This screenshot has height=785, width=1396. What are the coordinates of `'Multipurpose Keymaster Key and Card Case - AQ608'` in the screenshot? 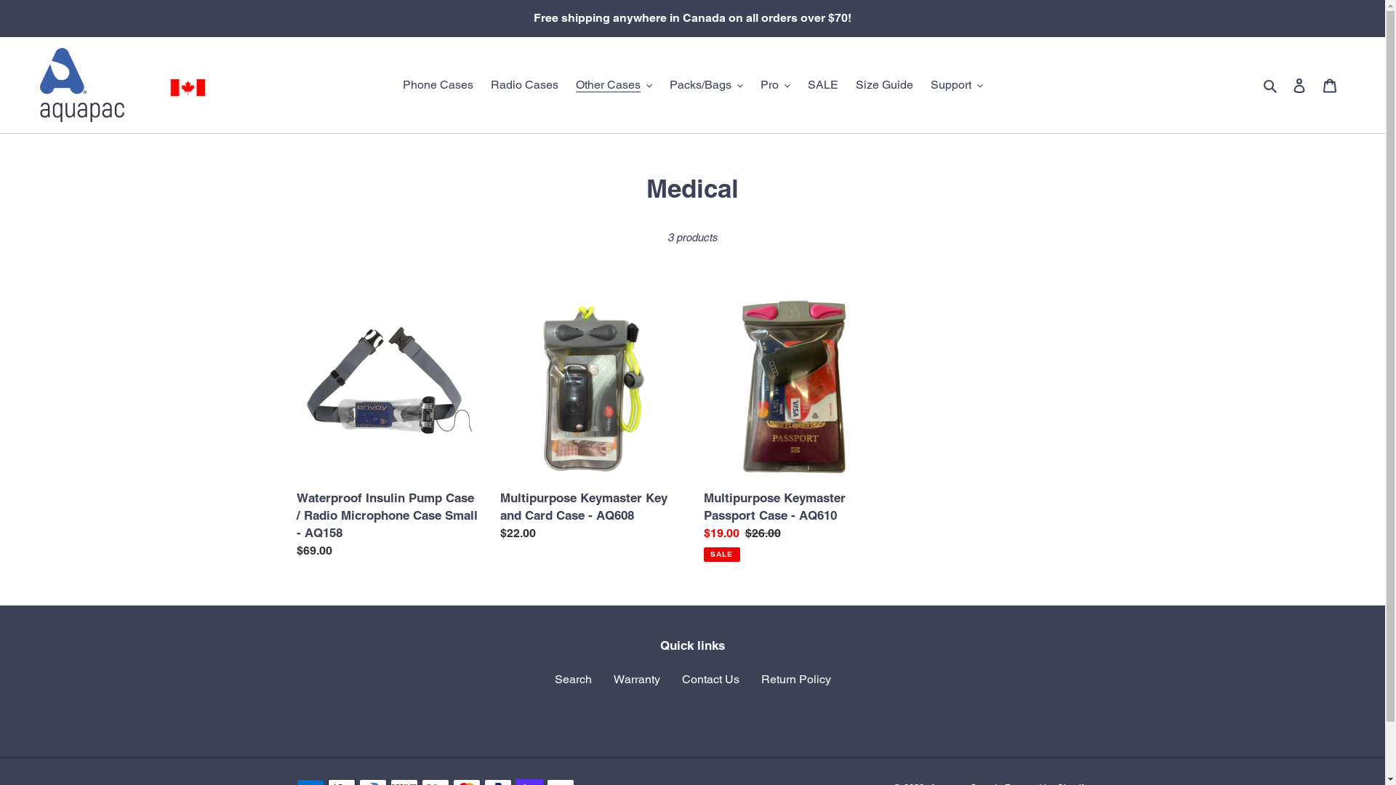 It's located at (590, 422).